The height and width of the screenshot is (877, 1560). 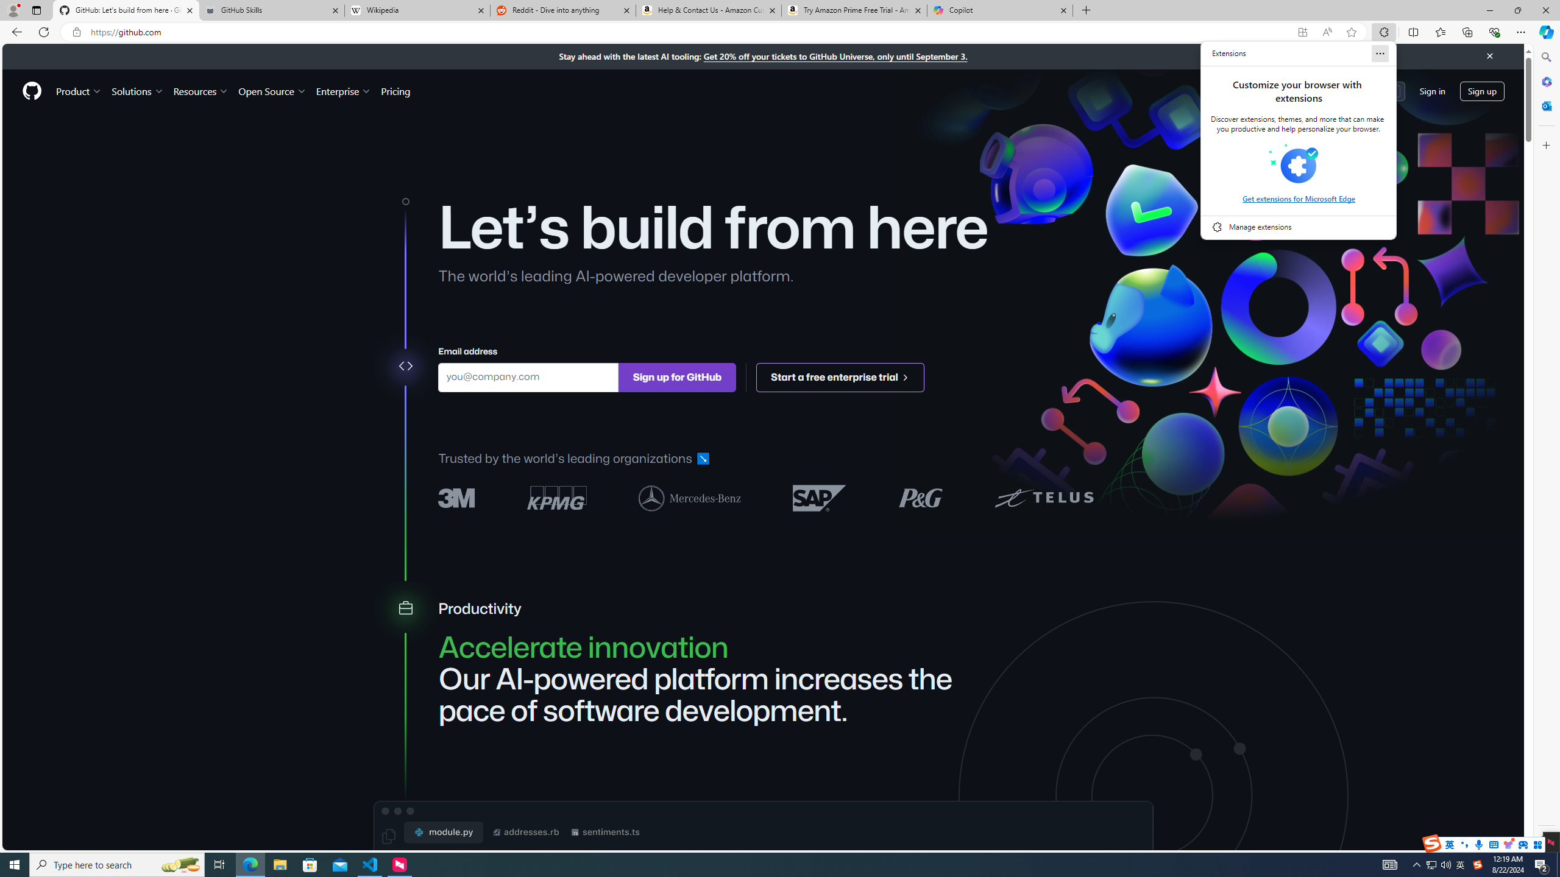 What do you see at coordinates (1558, 864) in the screenshot?
I see `'Show desktop'` at bounding box center [1558, 864].